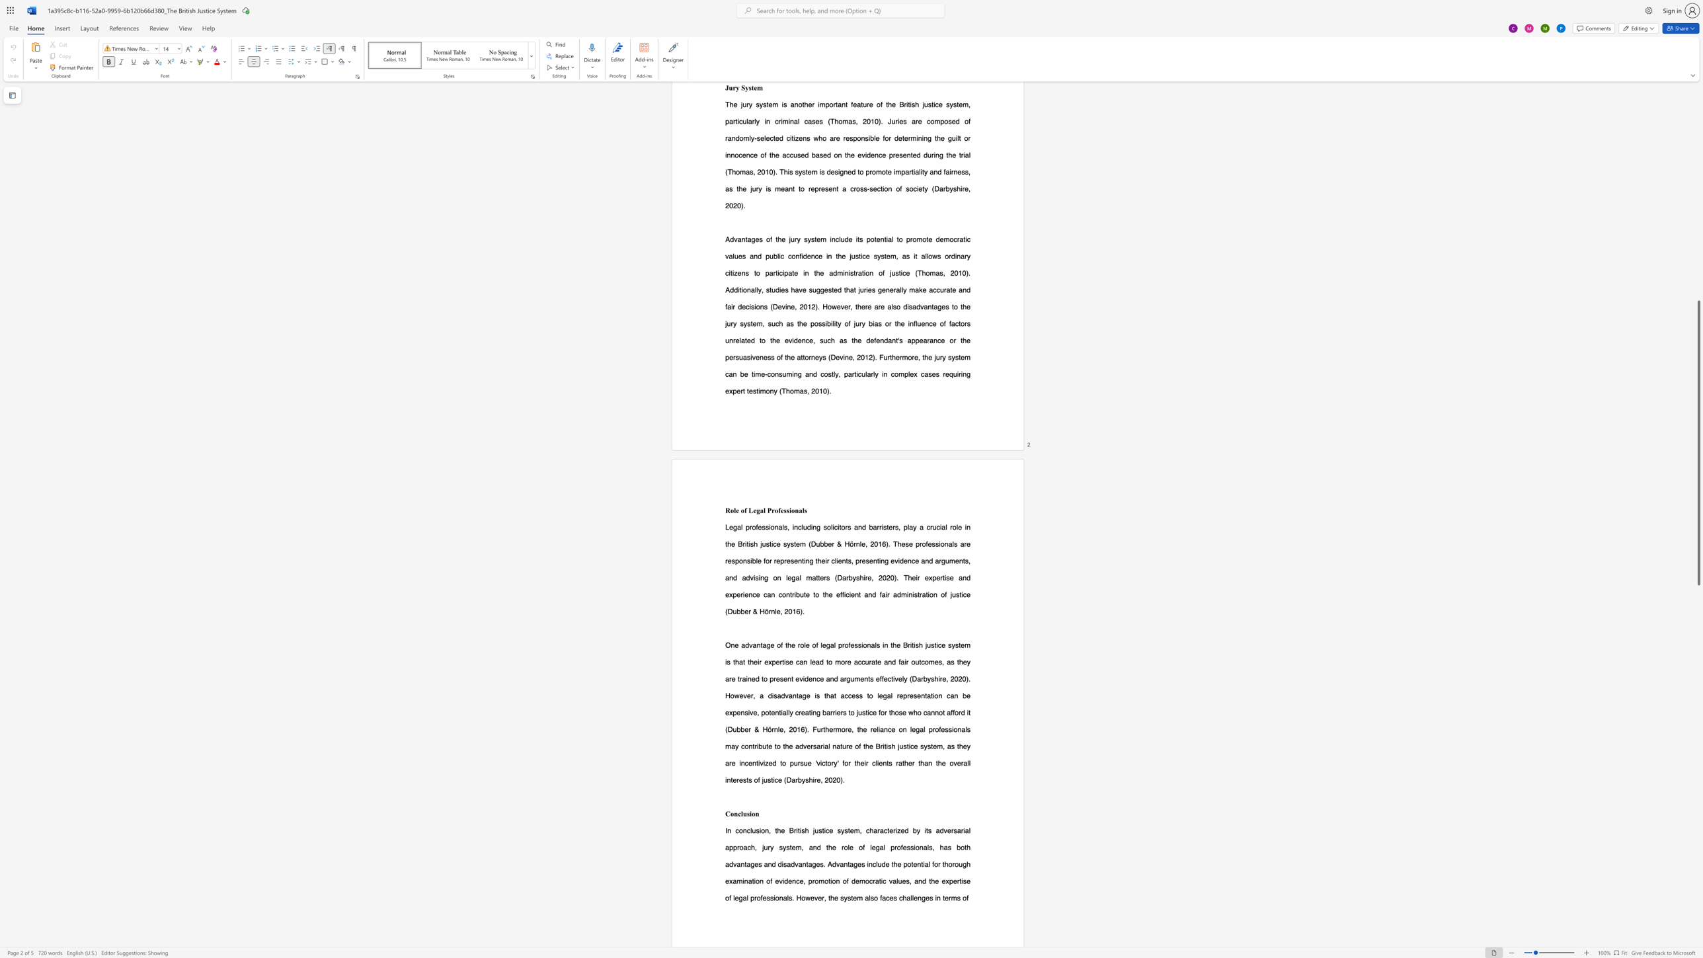  What do you see at coordinates (1698, 149) in the screenshot?
I see `the right-hand scrollbar to ascend the page` at bounding box center [1698, 149].